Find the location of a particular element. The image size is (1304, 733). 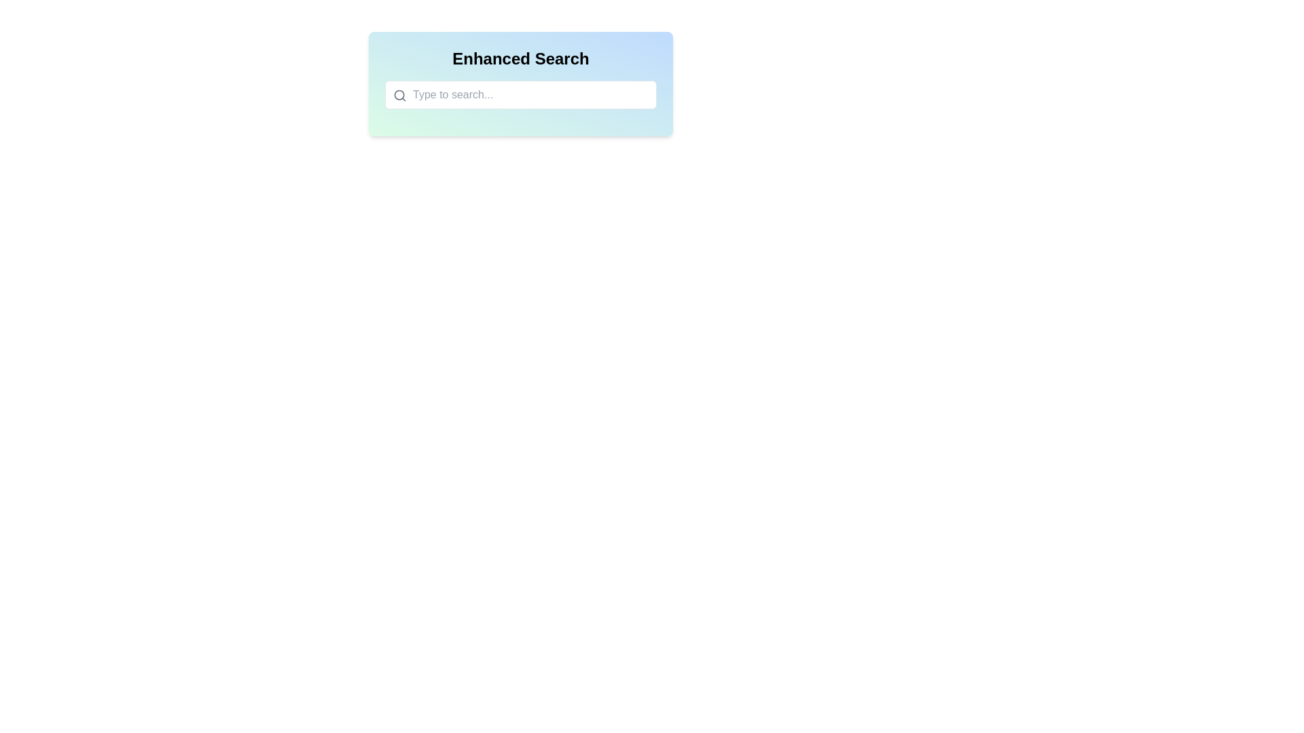

the search icon resembling a magnifying glass located to the left of the input field within the search bar is located at coordinates (399, 95).